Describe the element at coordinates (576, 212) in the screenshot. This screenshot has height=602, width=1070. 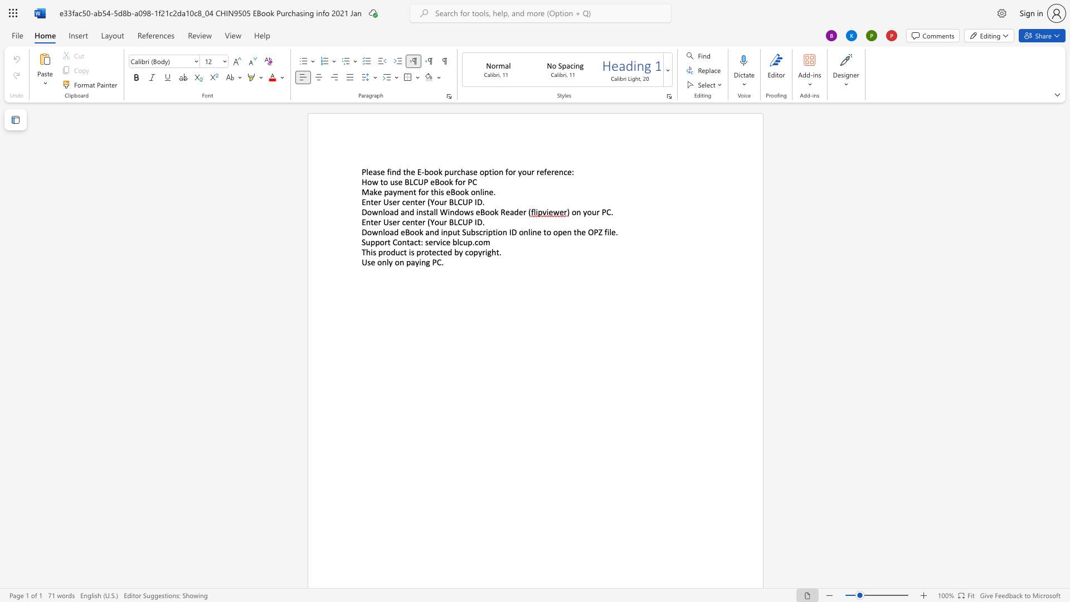
I see `the subset text "n your PC" within the text ") on your PC"` at that location.